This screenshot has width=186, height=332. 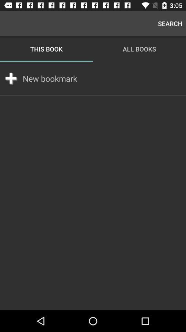 I want to click on new bookmark, so click(x=50, y=79).